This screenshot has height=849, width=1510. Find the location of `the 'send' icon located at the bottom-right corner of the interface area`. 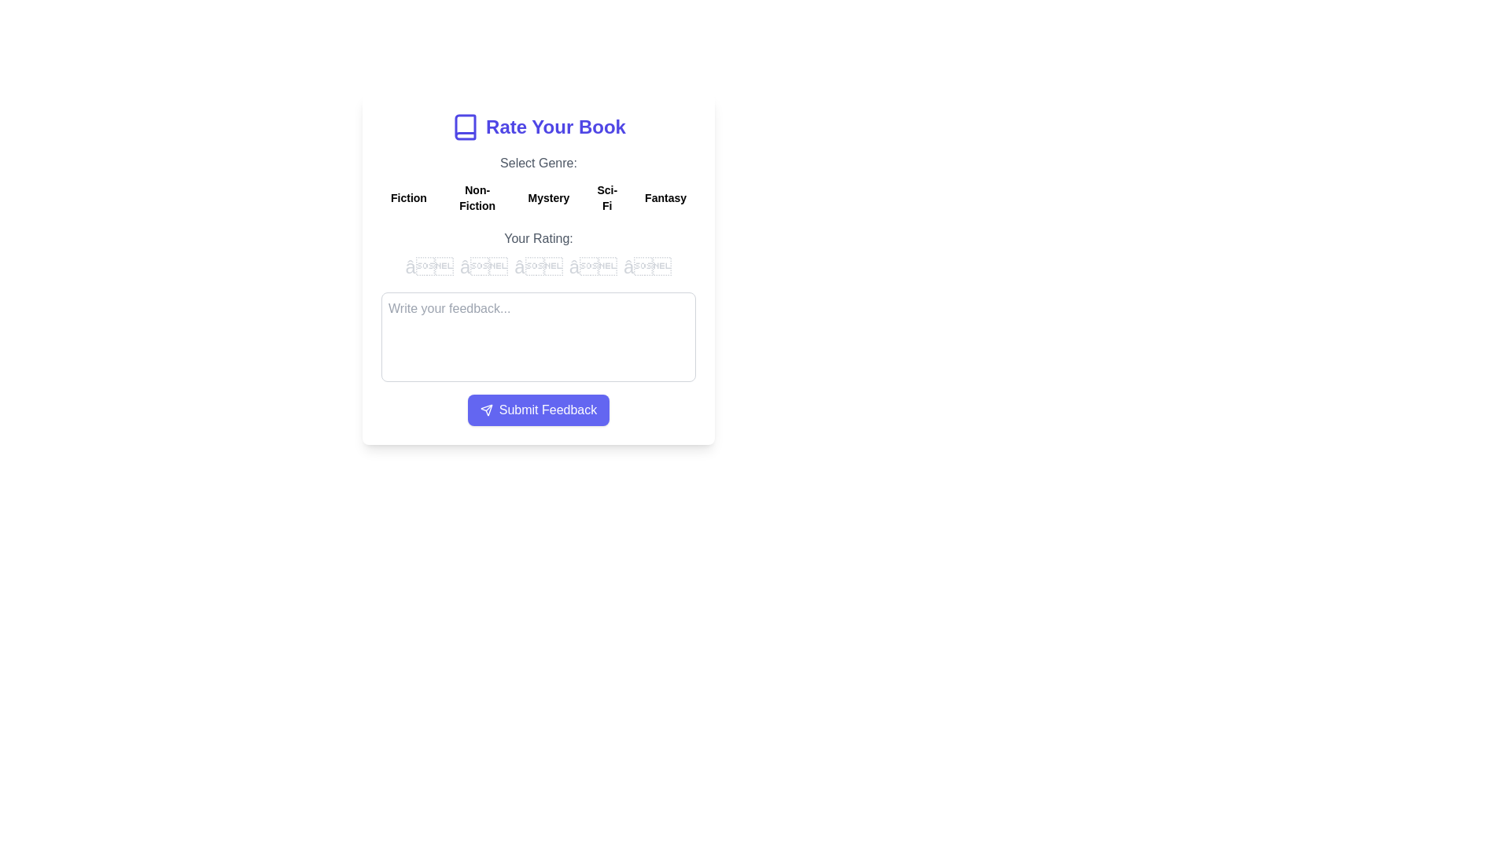

the 'send' icon located at the bottom-right corner of the interface area is located at coordinates (485, 409).